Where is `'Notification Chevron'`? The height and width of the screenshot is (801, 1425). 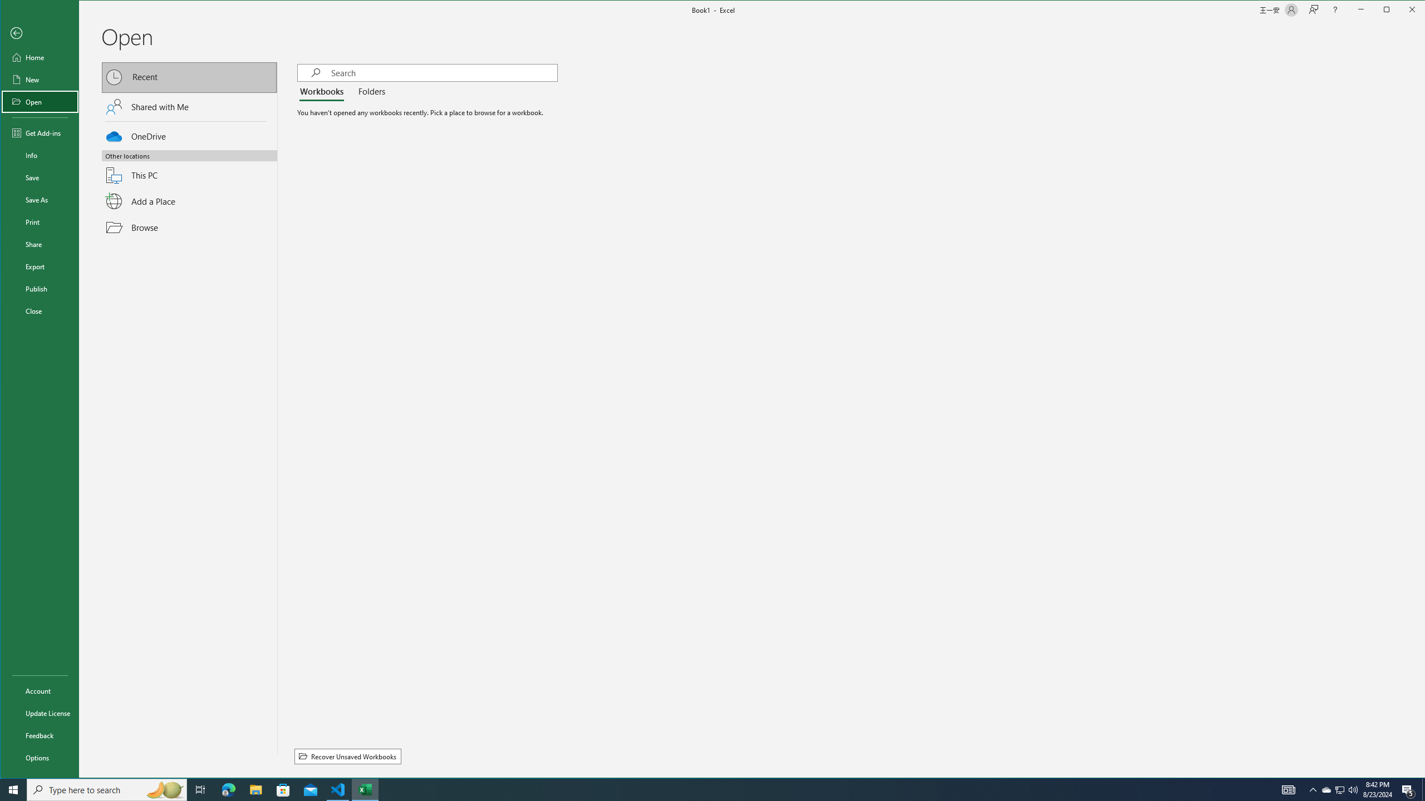
'Notification Chevron' is located at coordinates (1326, 789).